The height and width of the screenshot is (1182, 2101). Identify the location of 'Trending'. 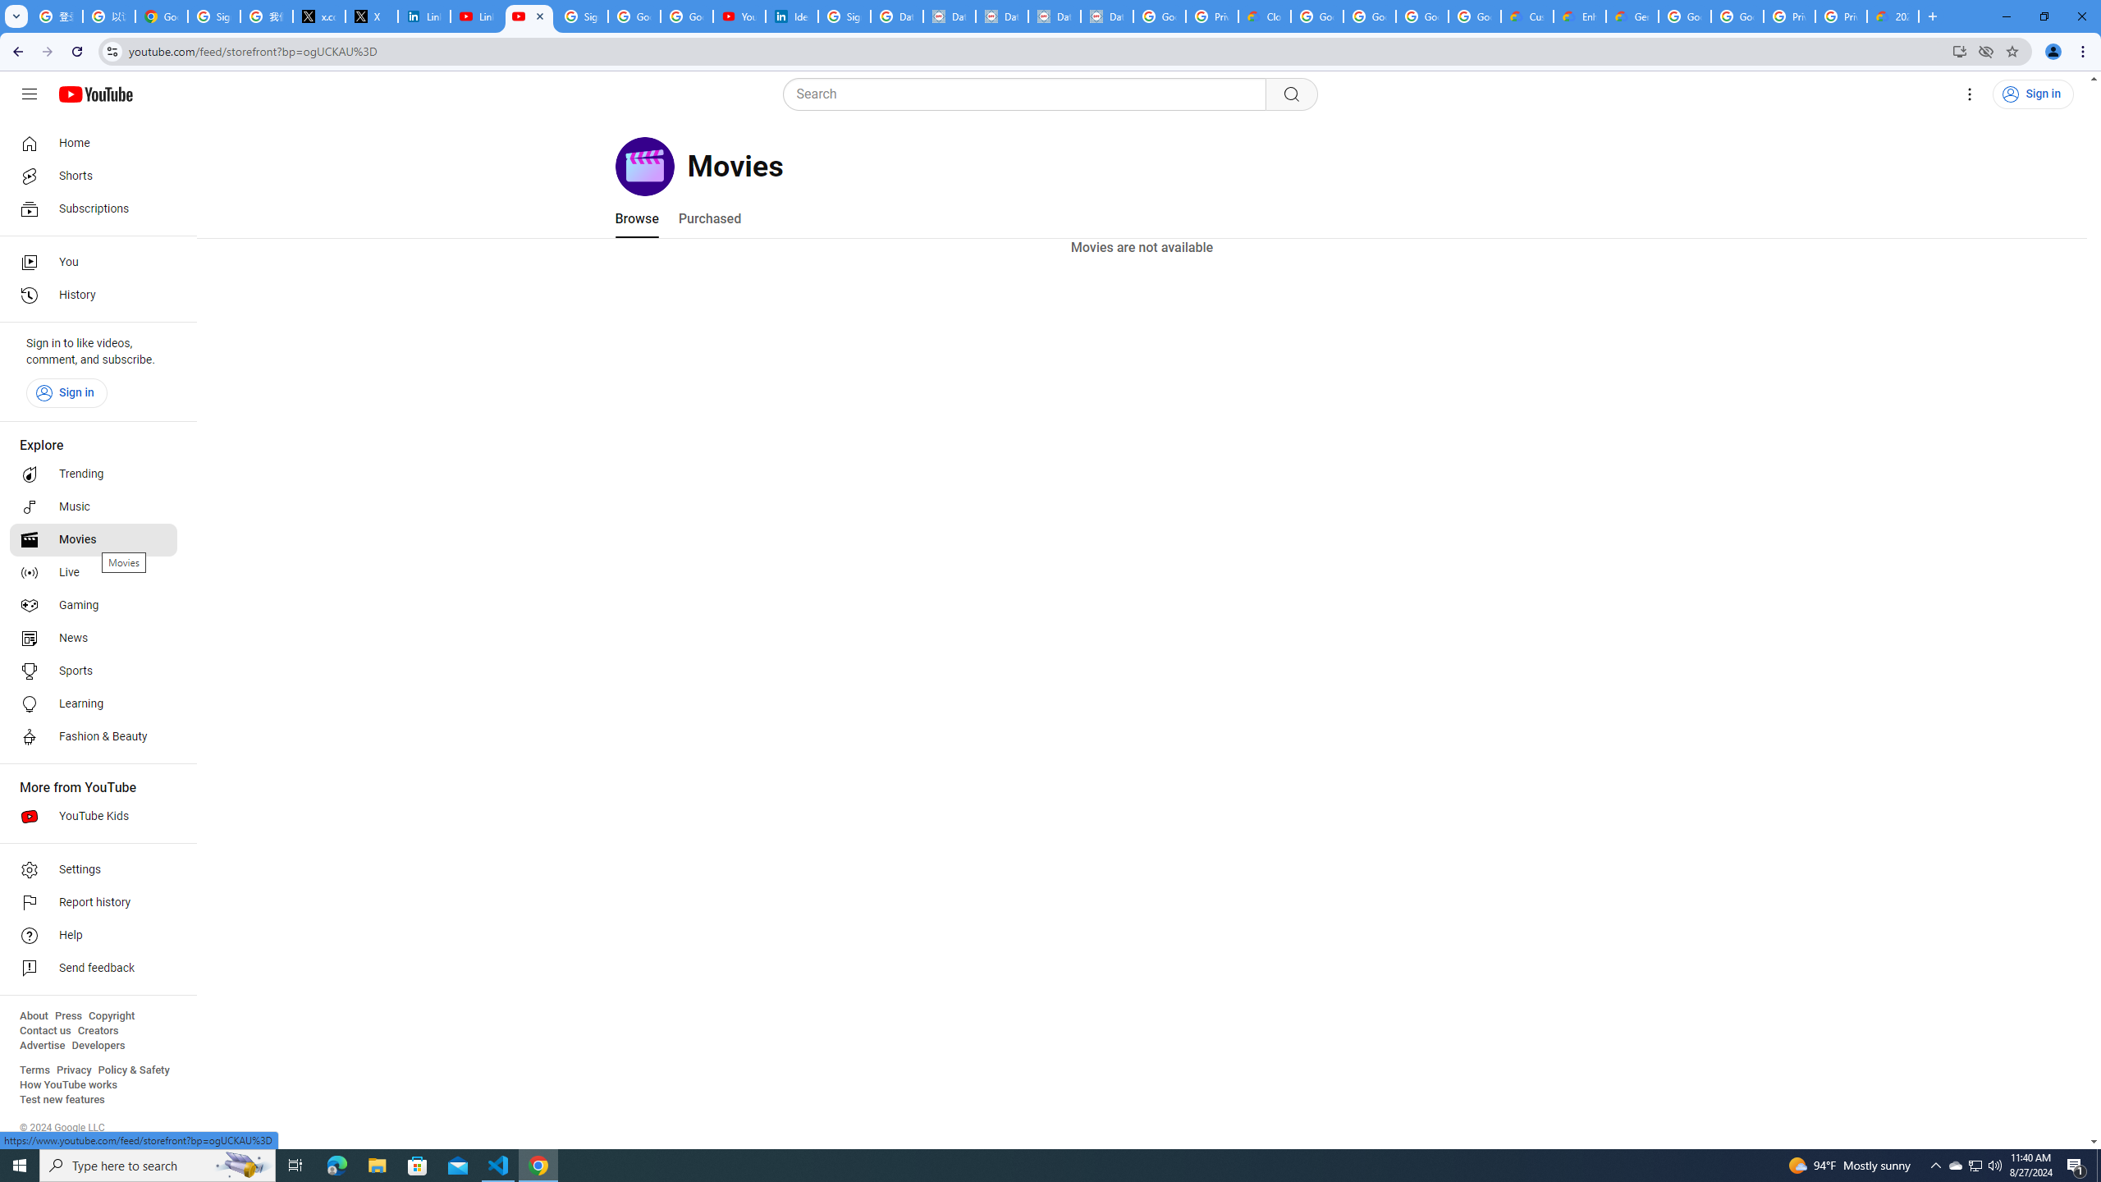
(93, 474).